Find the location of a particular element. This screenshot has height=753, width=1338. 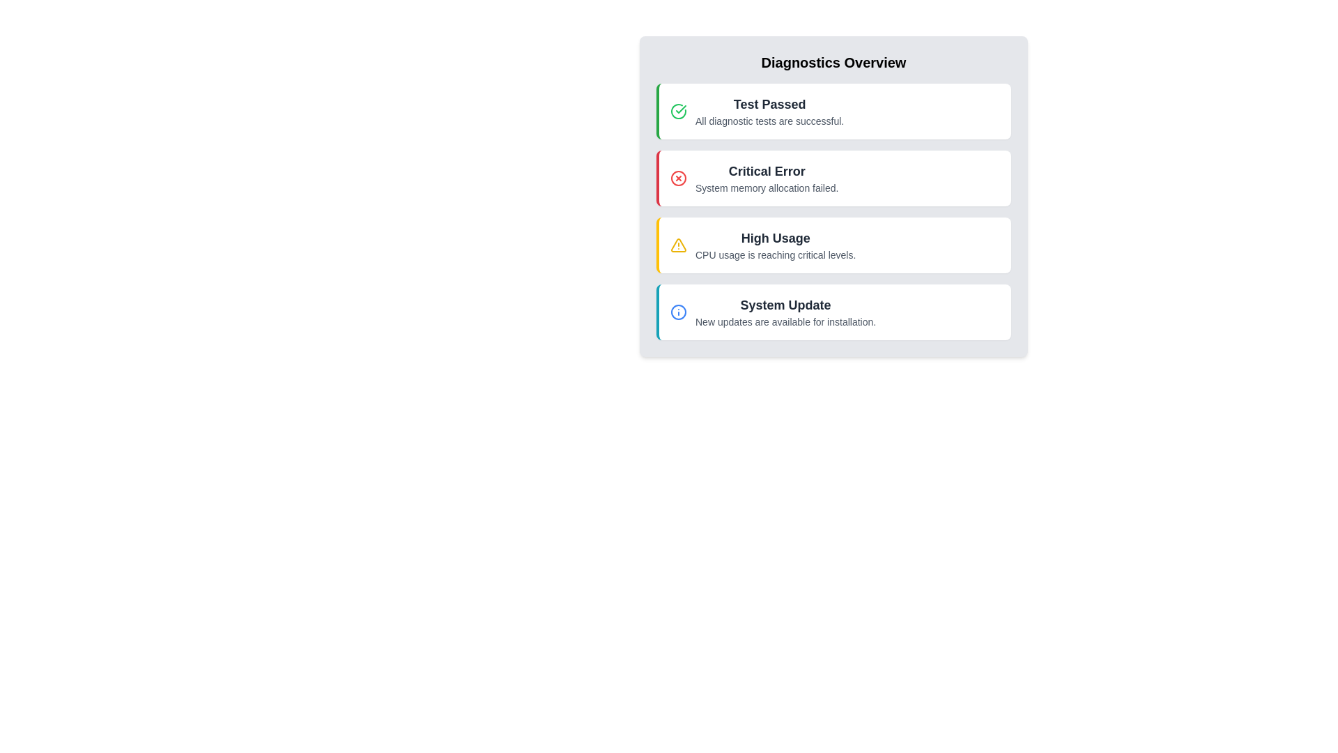

the second notification alert box indicating a critical issue with system memory allocation located in the 'Diagnostics Overview' section is located at coordinates (833, 177).